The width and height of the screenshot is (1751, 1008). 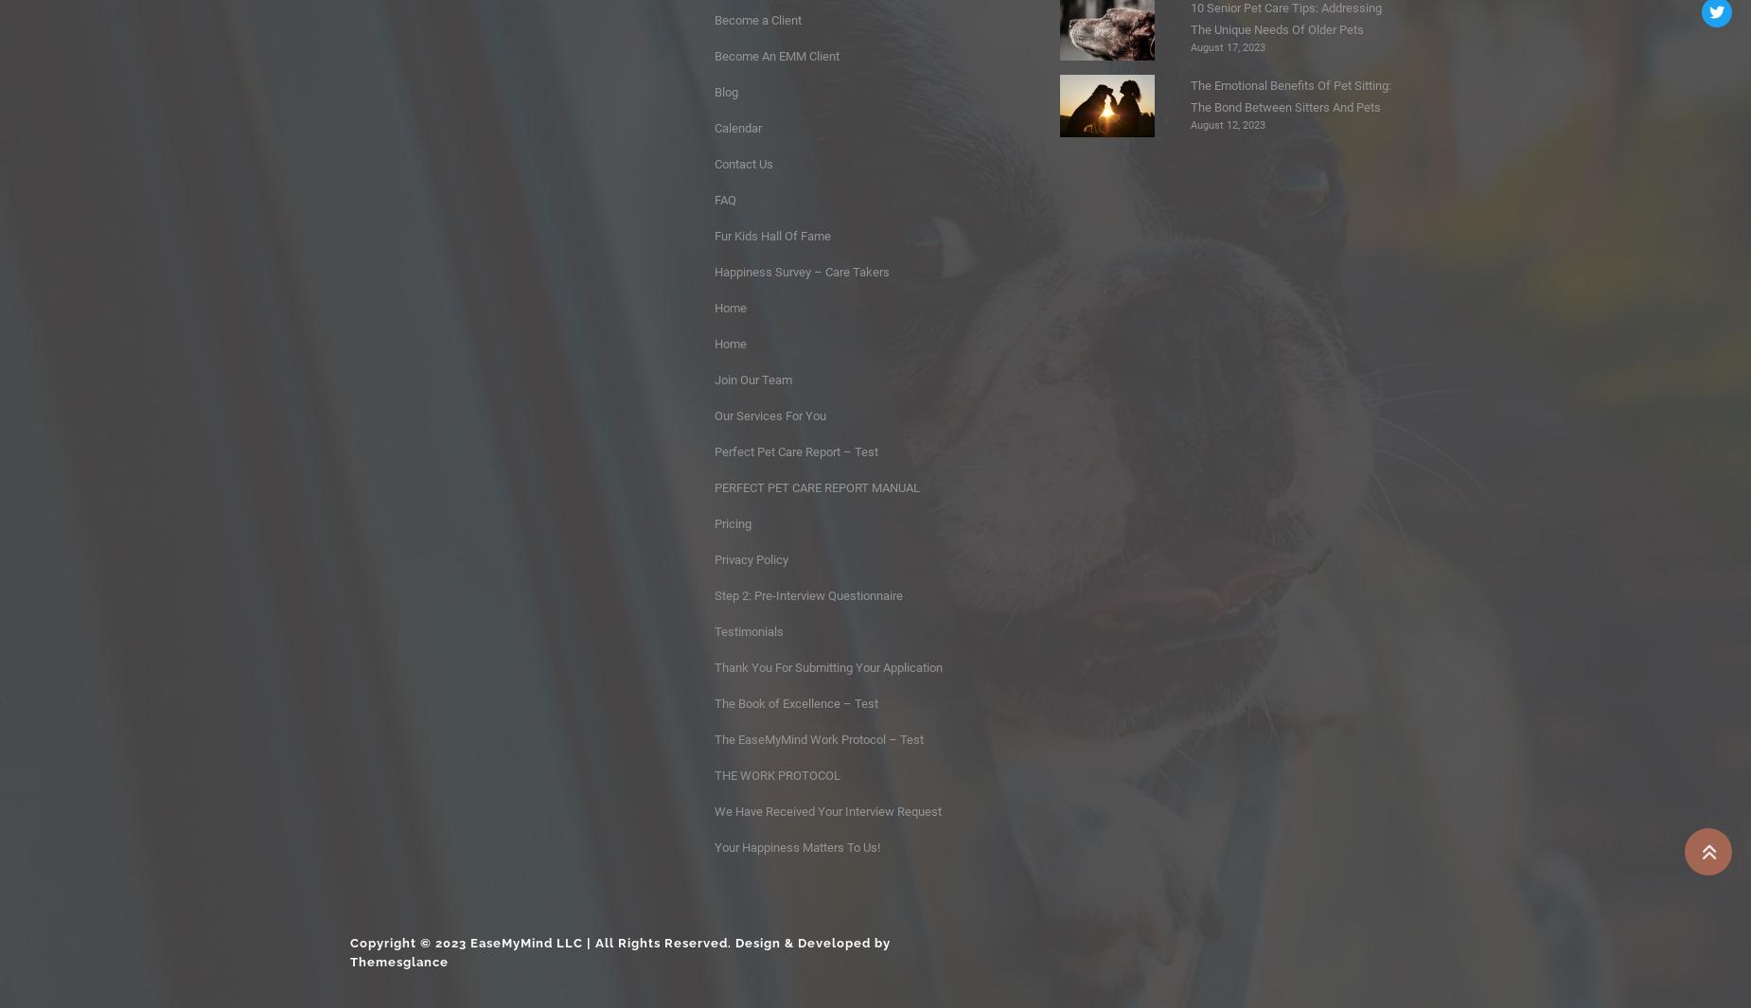 What do you see at coordinates (1227, 45) in the screenshot?
I see `'August 17, 2023'` at bounding box center [1227, 45].